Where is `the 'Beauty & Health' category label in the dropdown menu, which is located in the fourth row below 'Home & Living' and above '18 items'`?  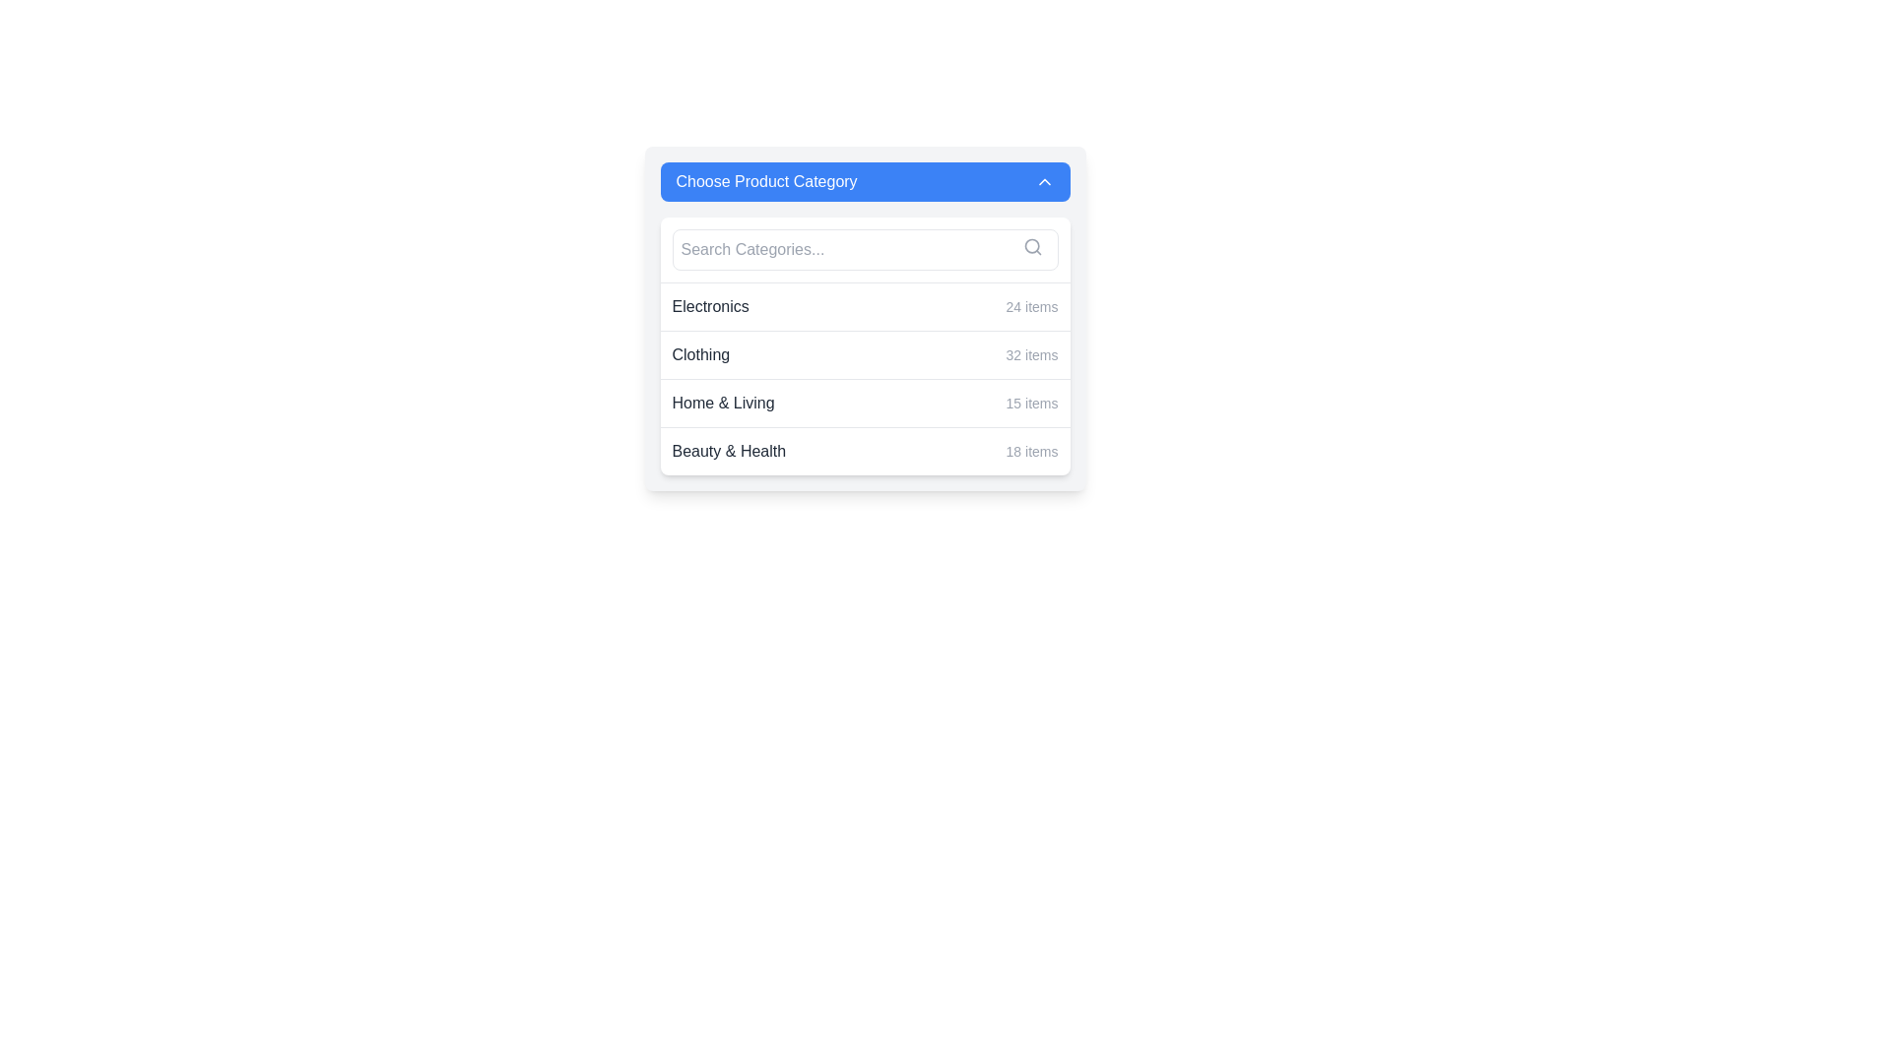
the 'Beauty & Health' category label in the dropdown menu, which is located in the fourth row below 'Home & Living' and above '18 items' is located at coordinates (728, 452).